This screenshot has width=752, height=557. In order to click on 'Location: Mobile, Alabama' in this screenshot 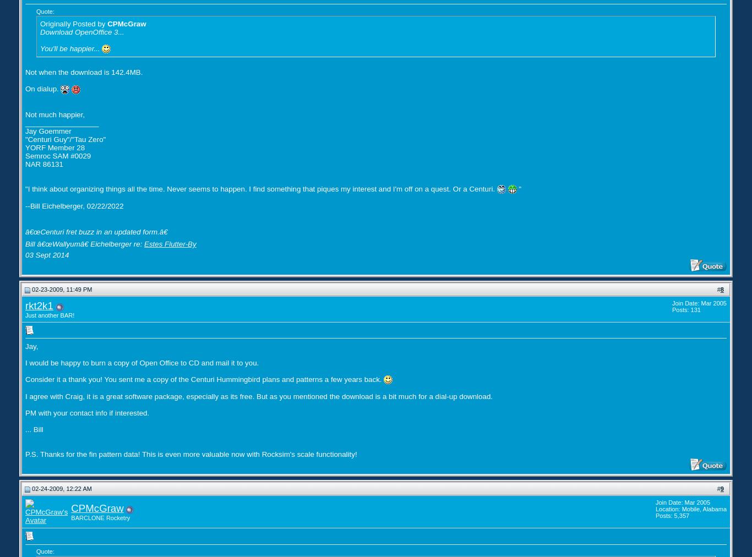, I will do `click(690, 509)`.